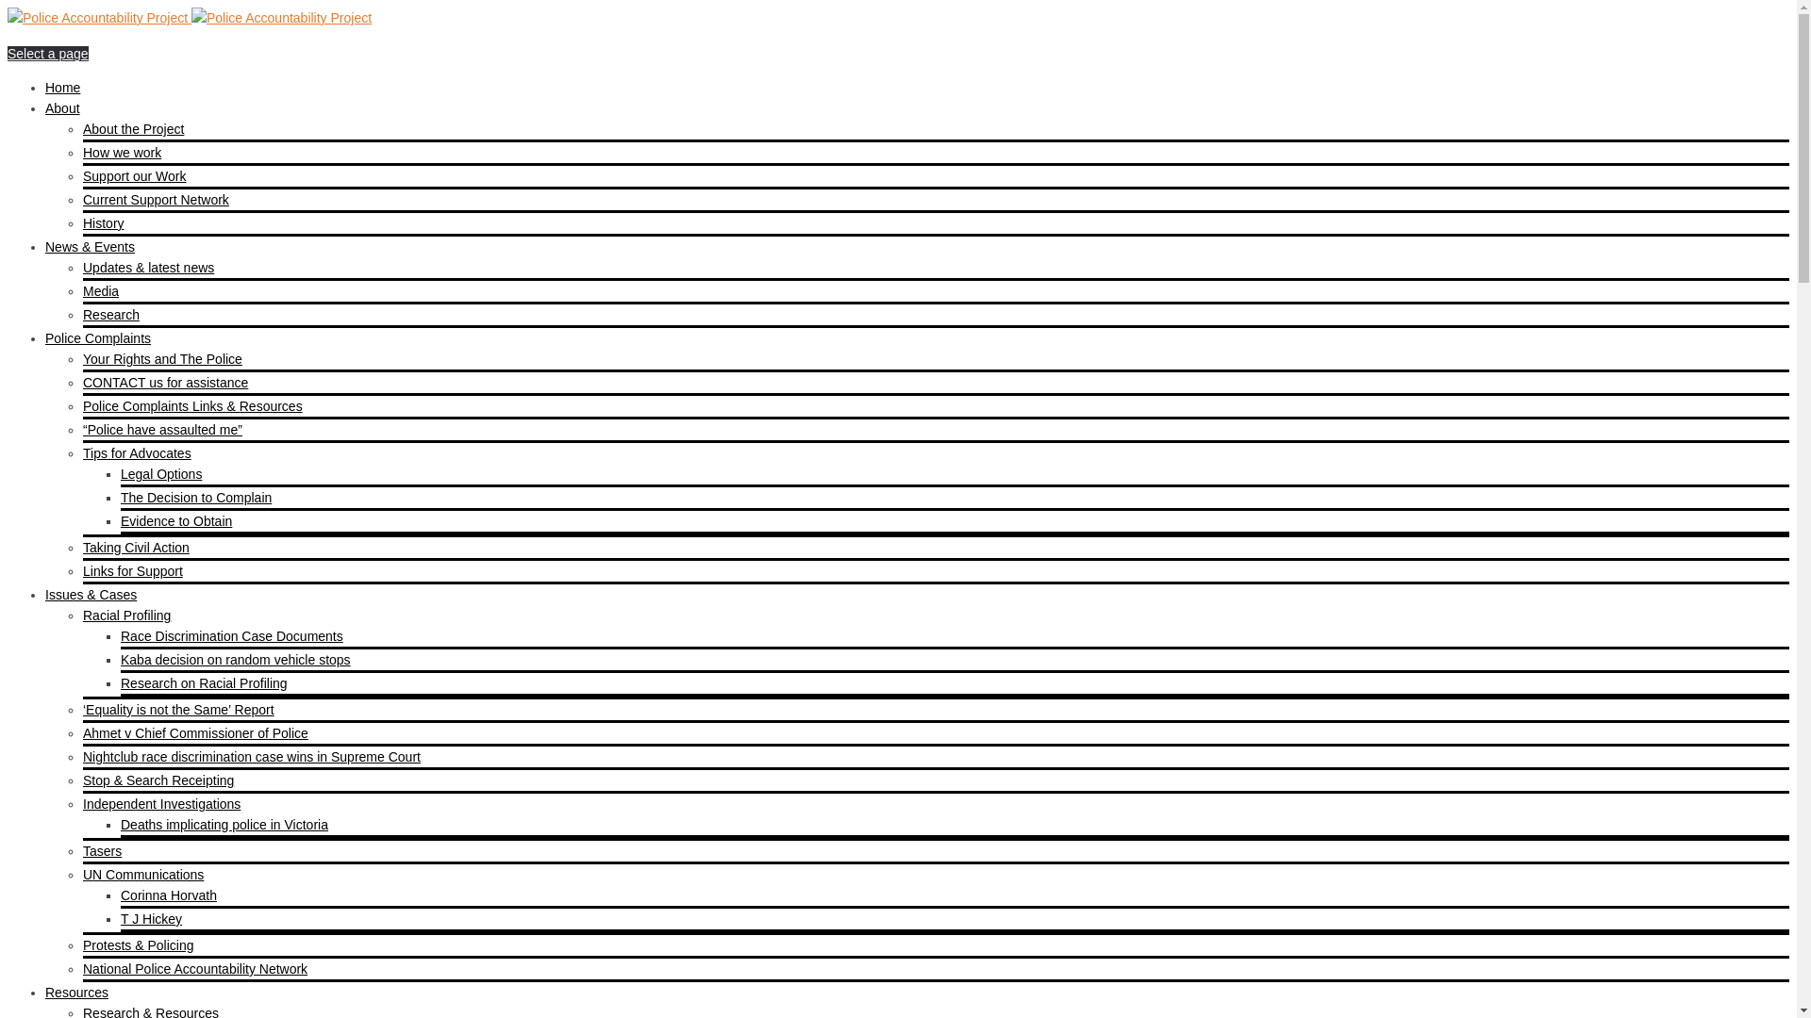  I want to click on 'Media', so click(99, 290).